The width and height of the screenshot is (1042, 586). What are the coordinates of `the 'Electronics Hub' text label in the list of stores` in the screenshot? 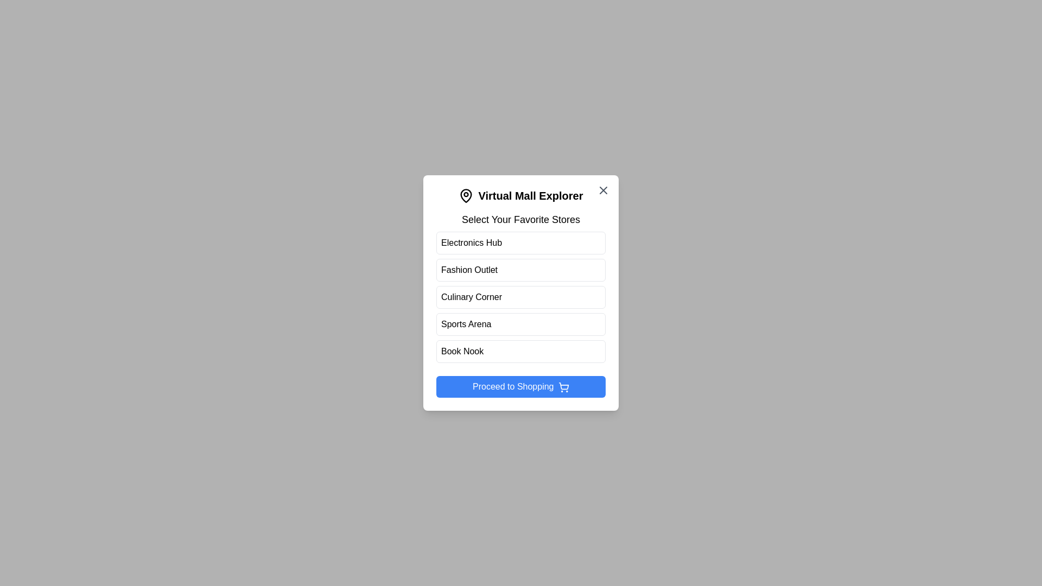 It's located at (471, 242).